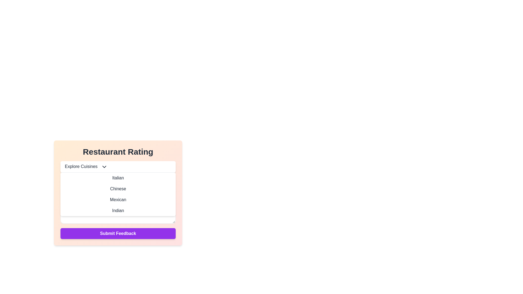  I want to click on the third option in the dropdown menu that represents a cuisine type, located between 'Chinese' and 'Indian', so click(118, 200).